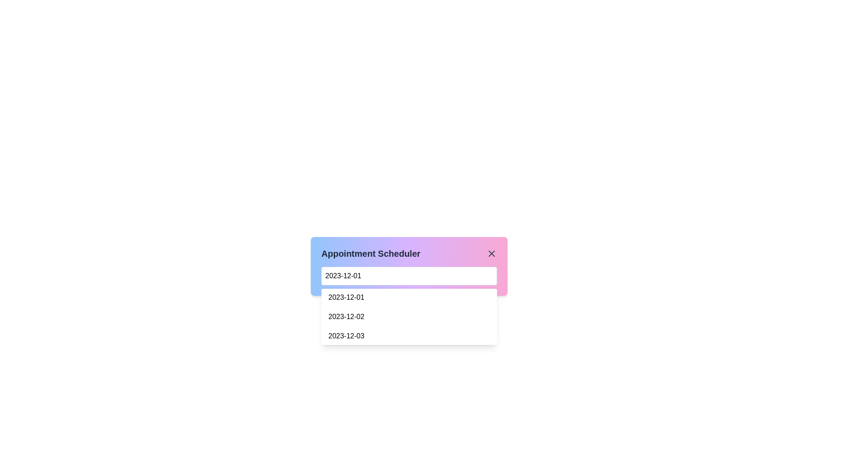  What do you see at coordinates (408, 336) in the screenshot?
I see `the selectable date entry for '2023-12-03' in the dropdown list under 'Appointment Scheduler'` at bounding box center [408, 336].